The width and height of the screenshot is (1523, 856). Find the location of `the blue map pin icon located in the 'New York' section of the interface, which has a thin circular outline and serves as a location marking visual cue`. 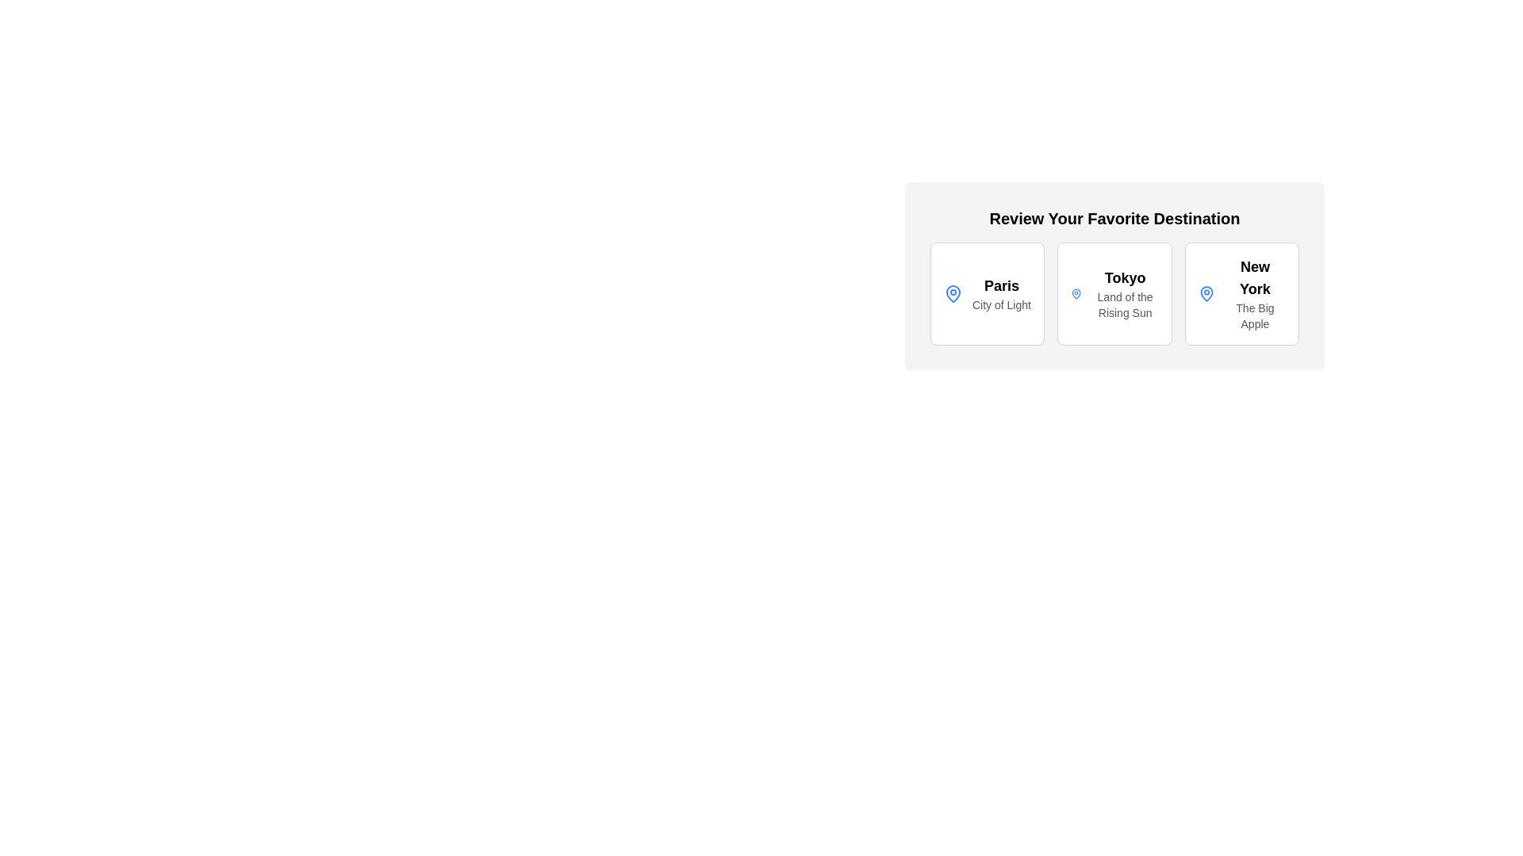

the blue map pin icon located in the 'New York' section of the interface, which has a thin circular outline and serves as a location marking visual cue is located at coordinates (1206, 293).